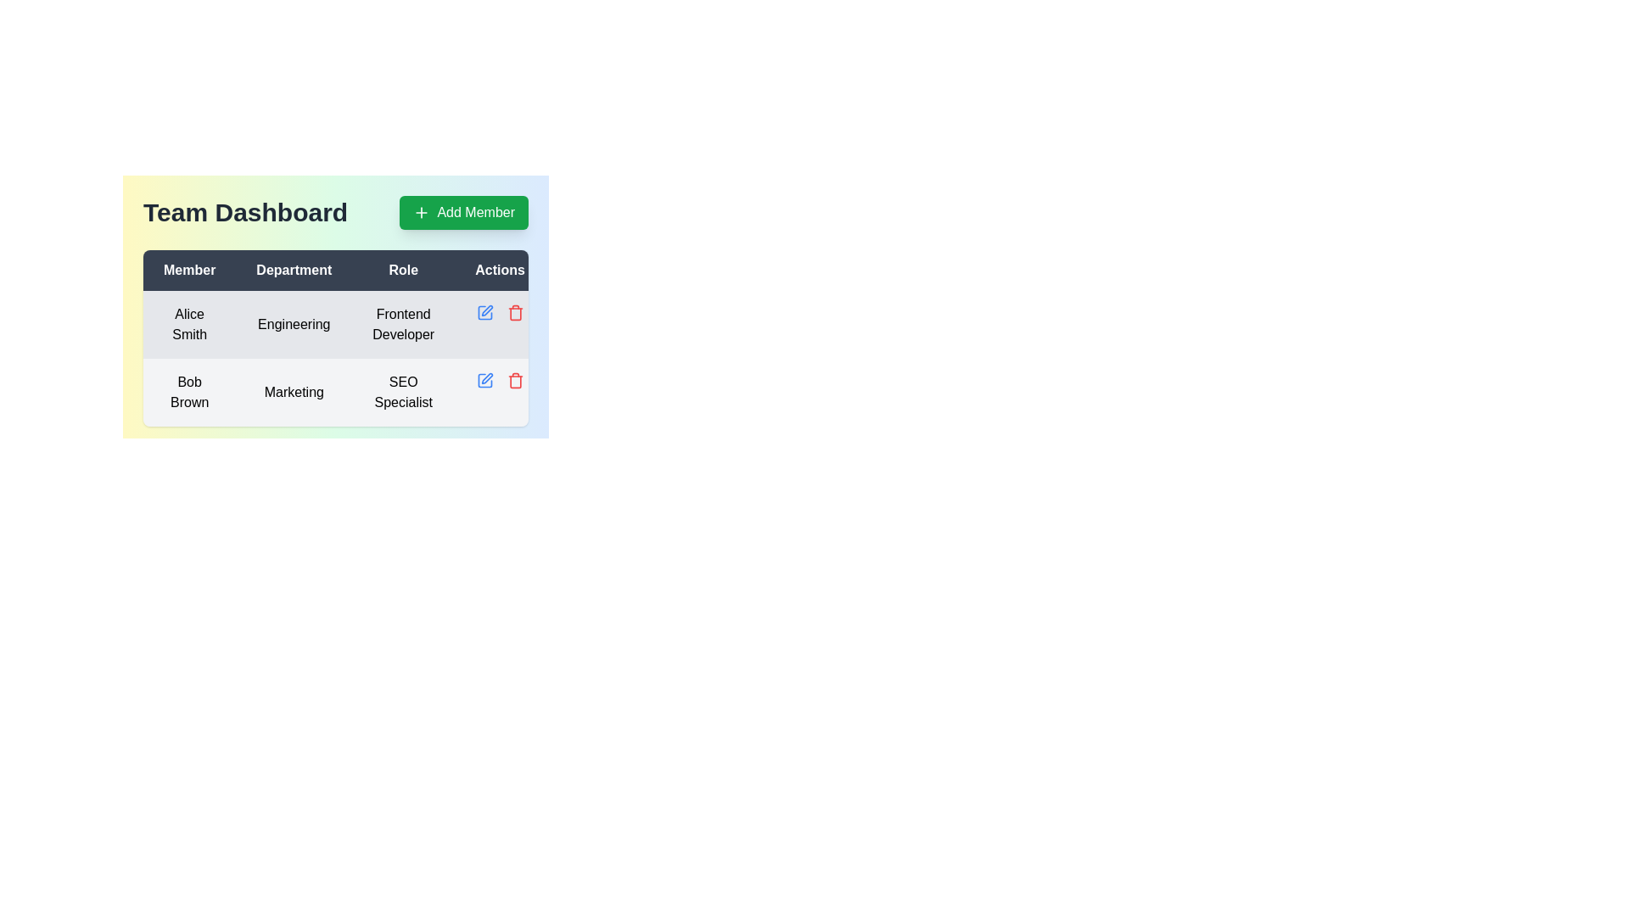 This screenshot has height=916, width=1629. I want to click on the Text Label indicating the job title of 'Bob Brown' in the 'Marketing' department located in the second row of the table under the 'Role' column, so click(402, 392).